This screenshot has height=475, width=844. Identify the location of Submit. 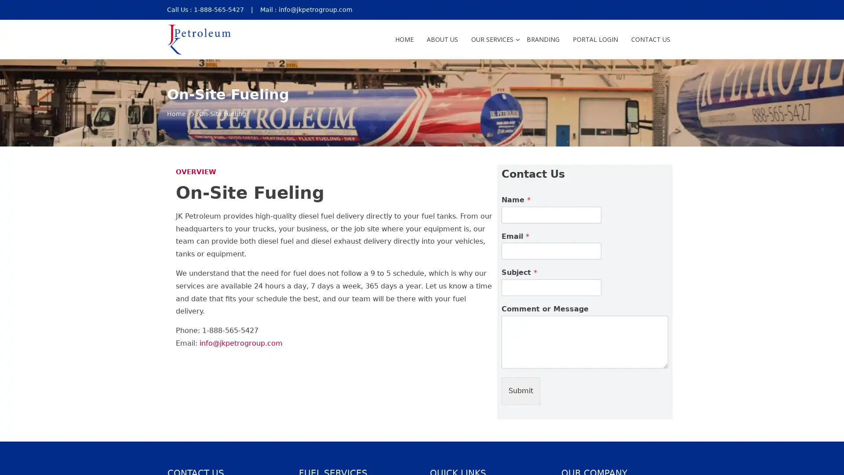
(521, 390).